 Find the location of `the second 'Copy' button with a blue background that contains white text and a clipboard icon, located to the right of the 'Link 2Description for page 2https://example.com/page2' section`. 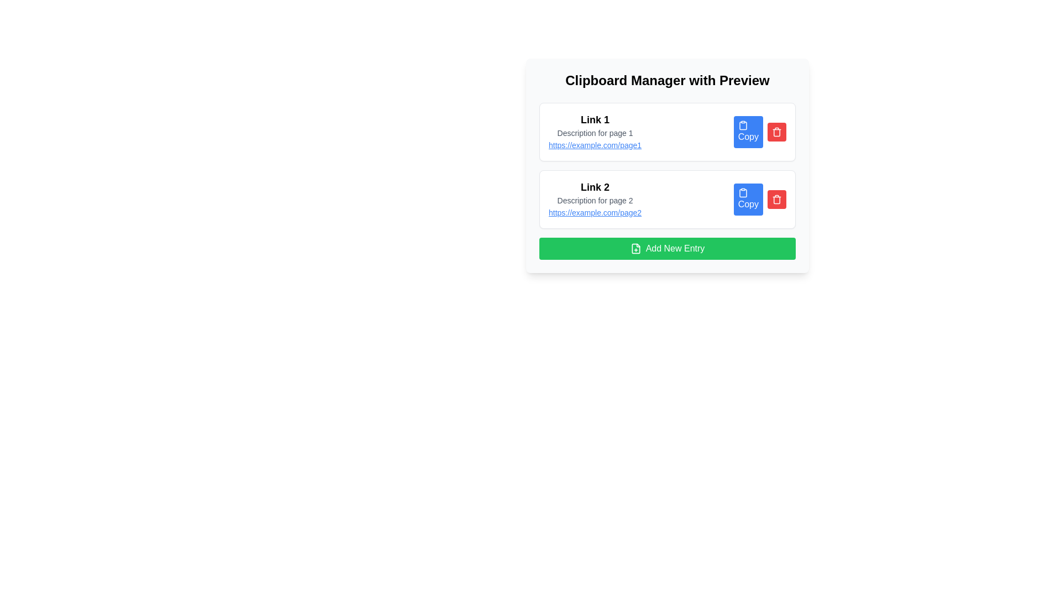

the second 'Copy' button with a blue background that contains white text and a clipboard icon, located to the right of the 'Link 2Description for page 2https://example.com/page2' section is located at coordinates (759, 200).